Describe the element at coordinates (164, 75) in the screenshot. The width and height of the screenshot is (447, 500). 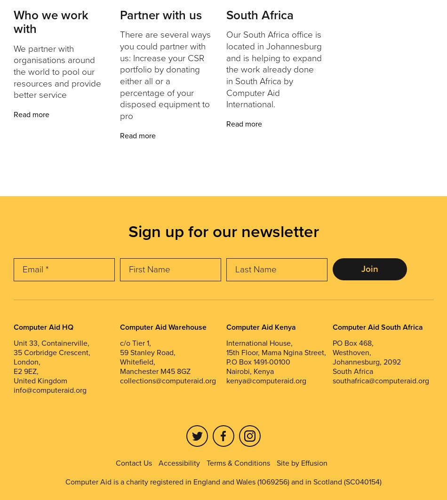
I see `'There are several ways you could partner with us: Increase your CSR portfolio by donating either all or a percentage of your disposed equipment to pro'` at that location.